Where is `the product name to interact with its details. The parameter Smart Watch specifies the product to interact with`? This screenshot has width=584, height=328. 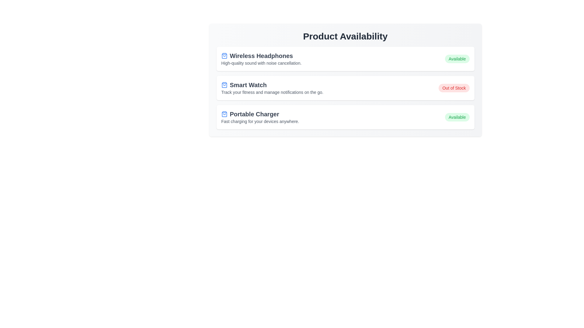 the product name to interact with its details. The parameter Smart Watch specifies the product to interact with is located at coordinates (272, 85).